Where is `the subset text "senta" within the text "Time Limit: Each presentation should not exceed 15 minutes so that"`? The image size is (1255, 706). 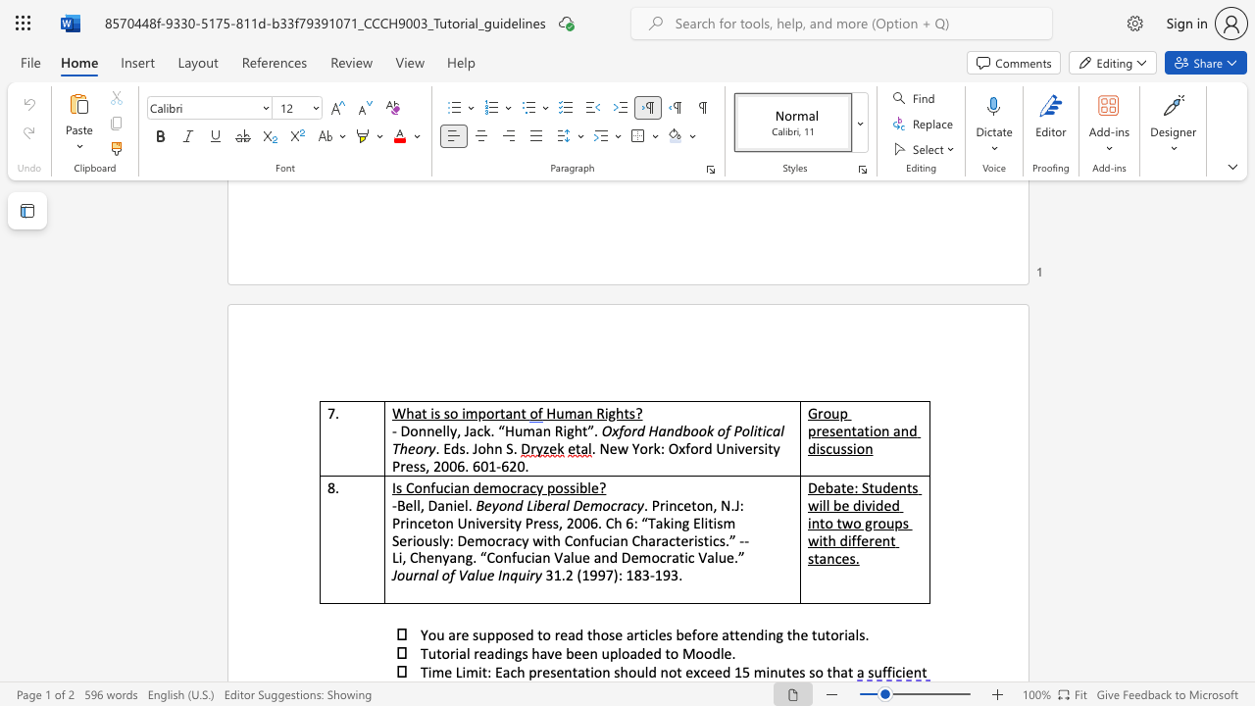
the subset text "senta" within the text "Time Limit: Each presentation should not exceed 15 minutes so that" is located at coordinates (549, 671).